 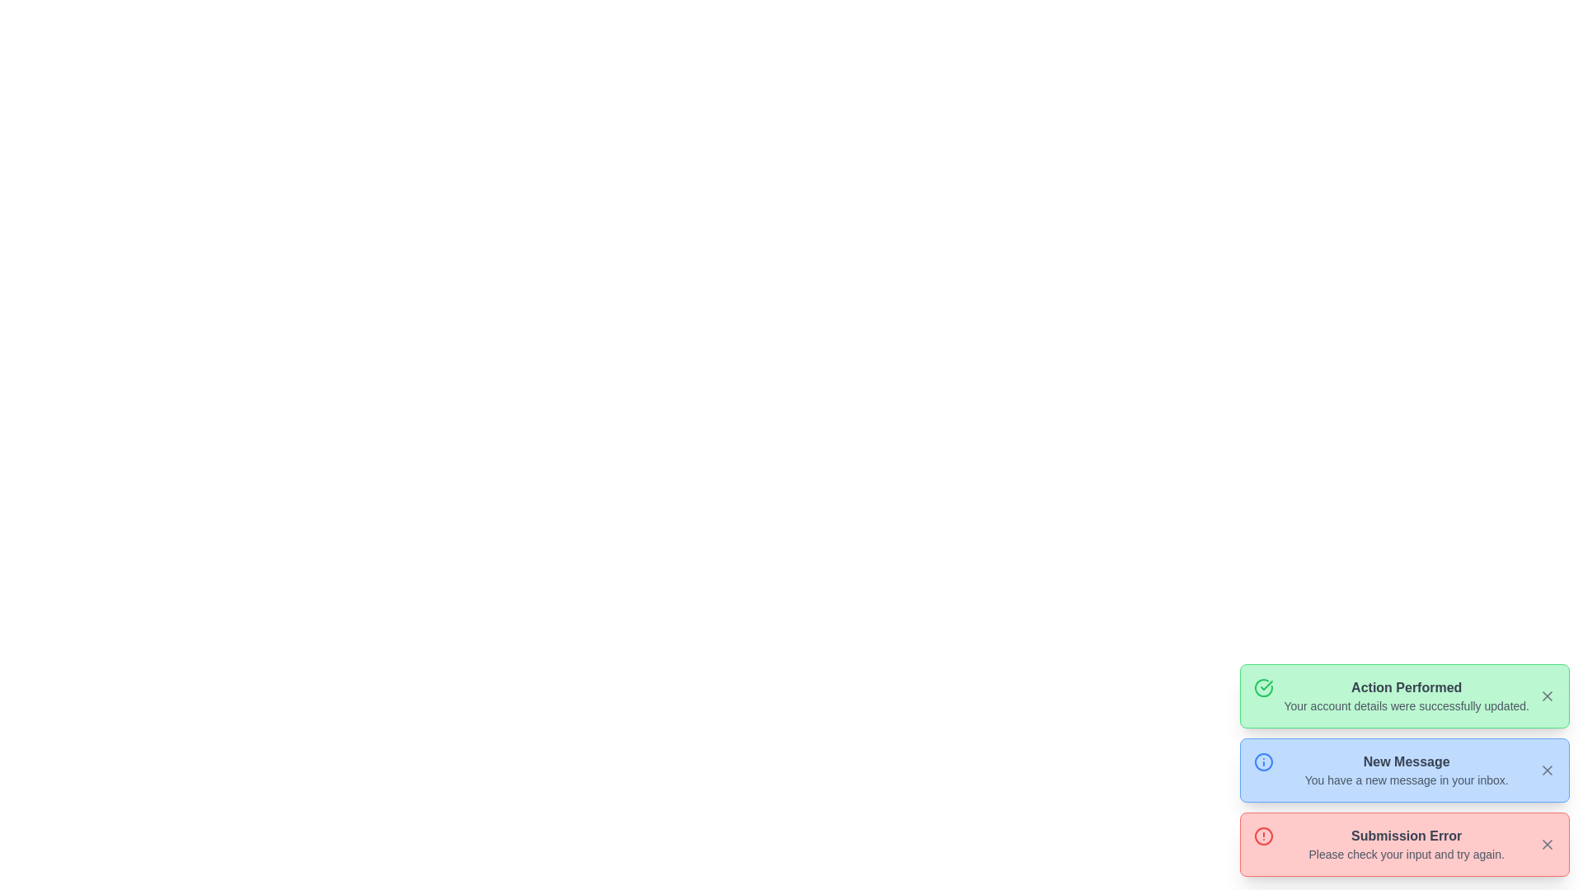 I want to click on the information icon, which is an outlined circle with an 'i' inside, located at the left side of the notification card titled 'New Message', so click(x=1263, y=770).